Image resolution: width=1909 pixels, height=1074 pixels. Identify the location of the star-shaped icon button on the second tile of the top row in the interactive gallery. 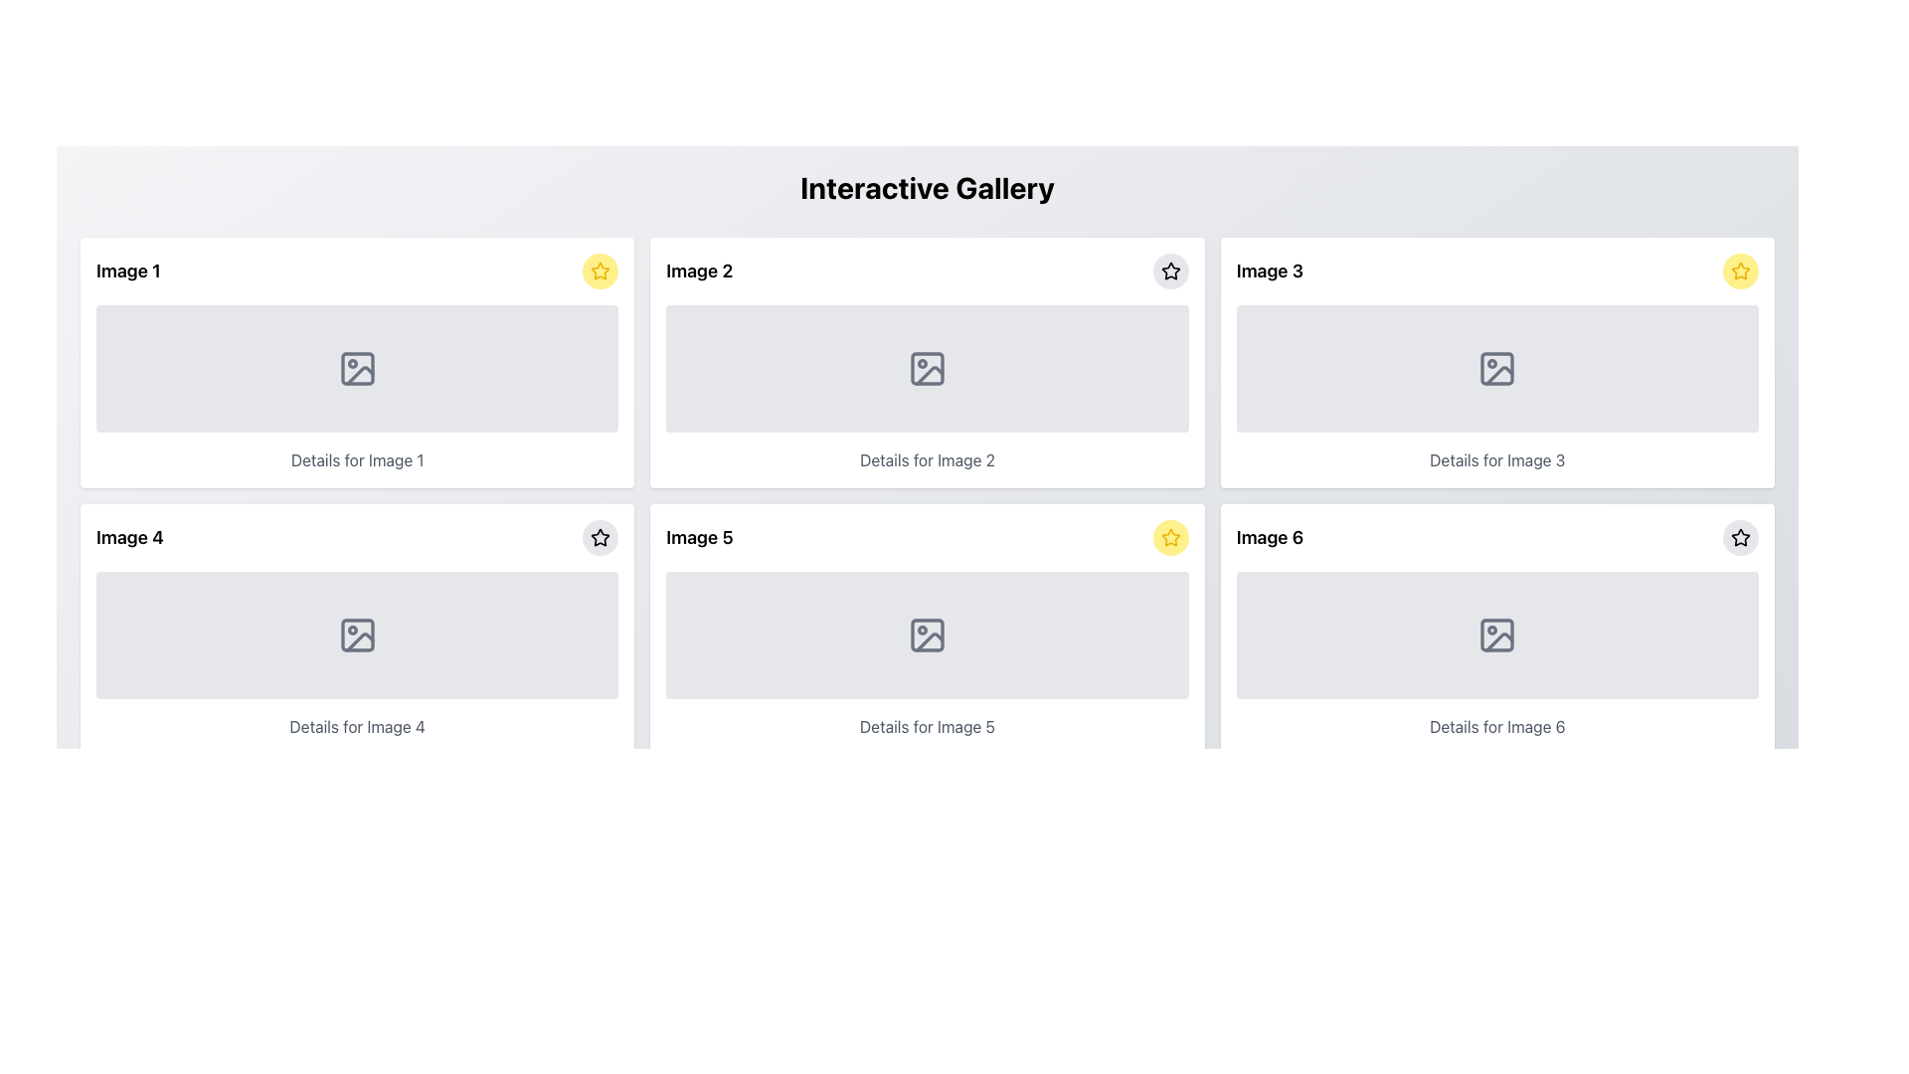
(1170, 271).